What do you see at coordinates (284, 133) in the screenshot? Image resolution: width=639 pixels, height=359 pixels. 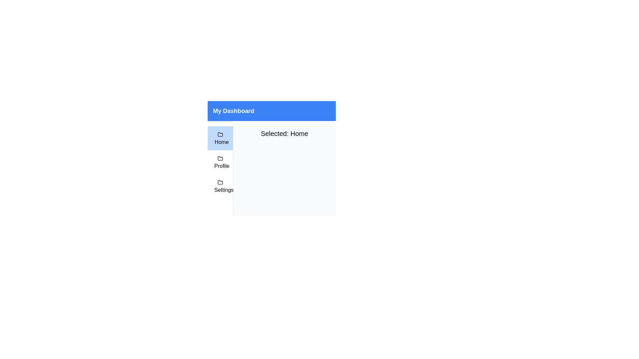 I see `the text block displaying 'Selected: Home', which is located to the right of the blue sidebar menu` at bounding box center [284, 133].